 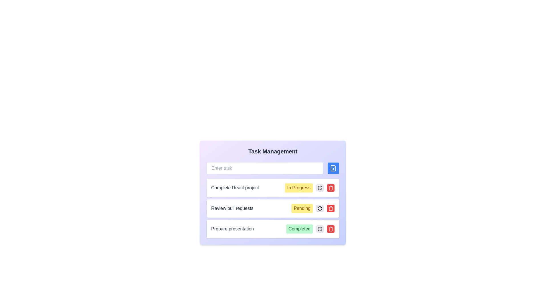 What do you see at coordinates (320, 188) in the screenshot?
I see `the SVG icon of a double arrow indicating a refreshing motion located in the 'Review pull requests' task row` at bounding box center [320, 188].